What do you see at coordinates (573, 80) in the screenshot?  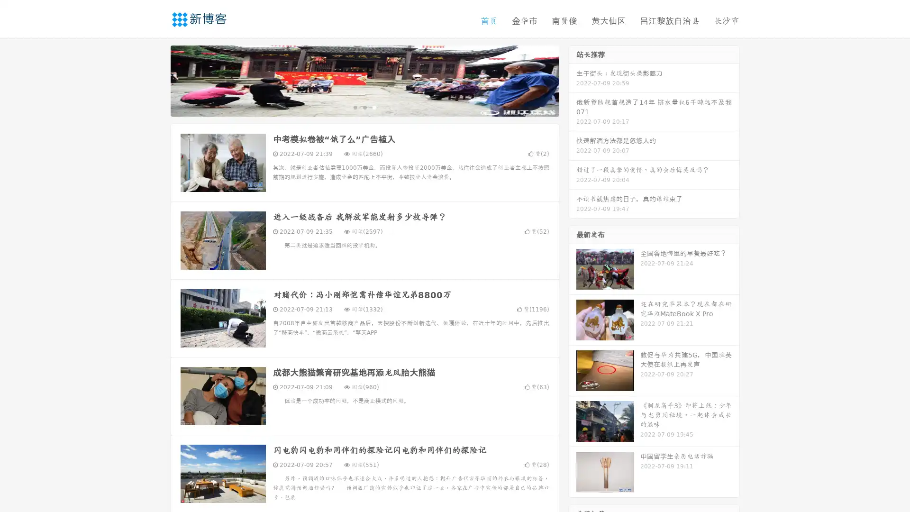 I see `Next slide` at bounding box center [573, 80].